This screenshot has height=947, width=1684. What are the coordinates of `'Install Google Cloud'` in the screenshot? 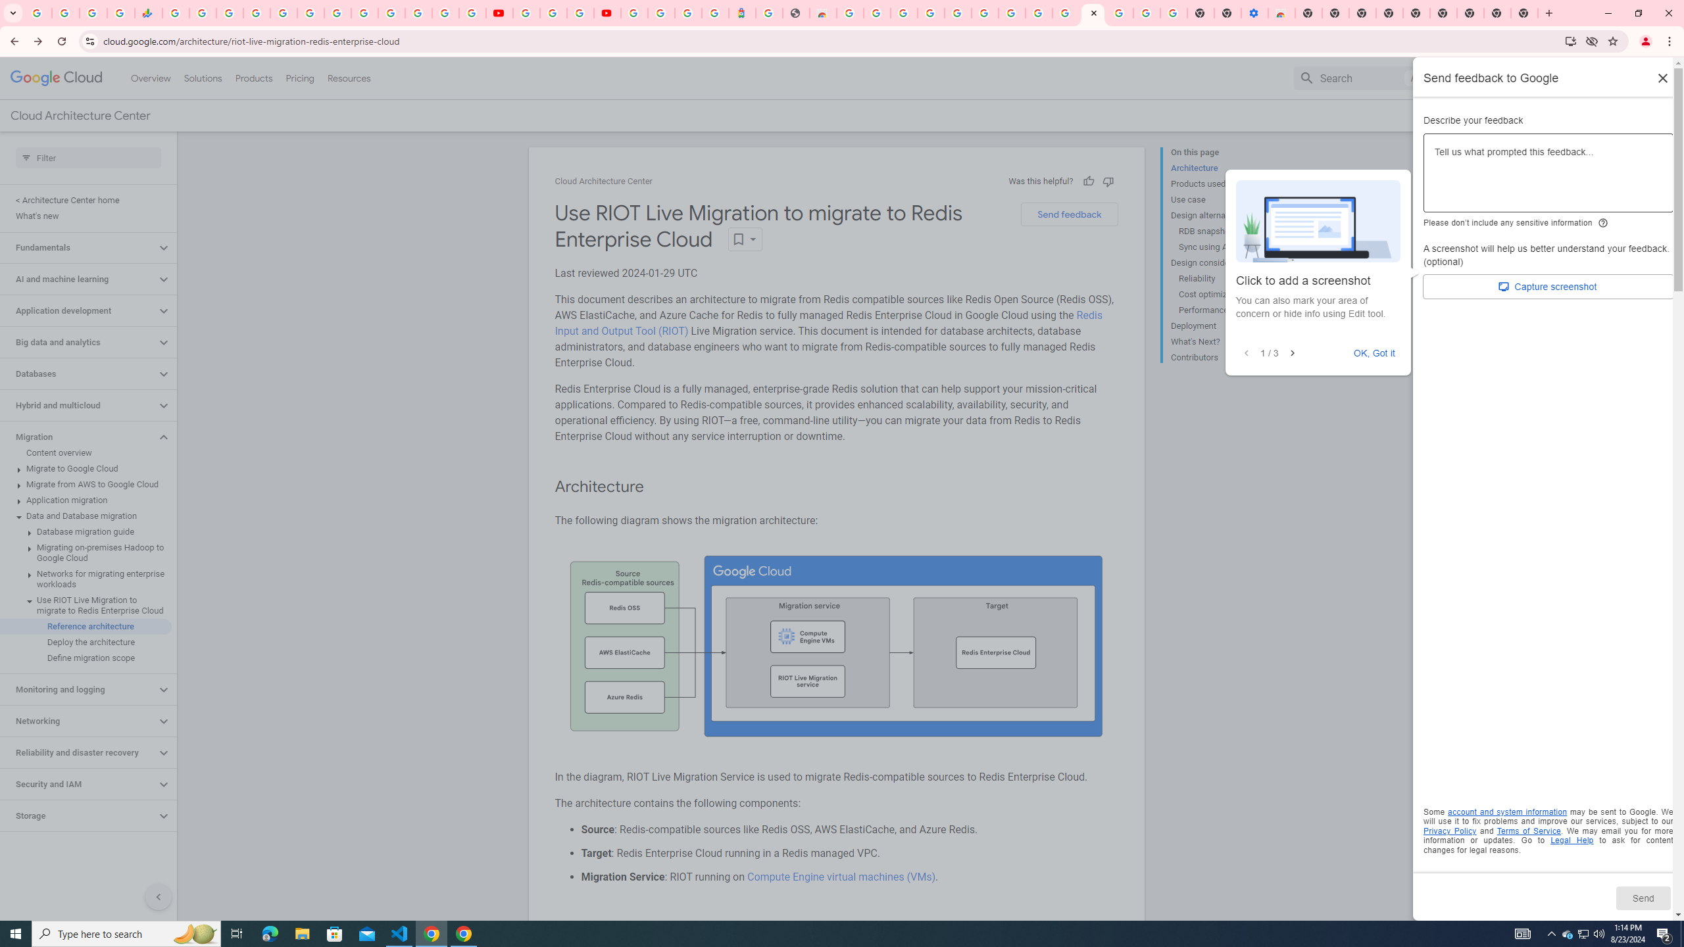 It's located at (1571, 40).